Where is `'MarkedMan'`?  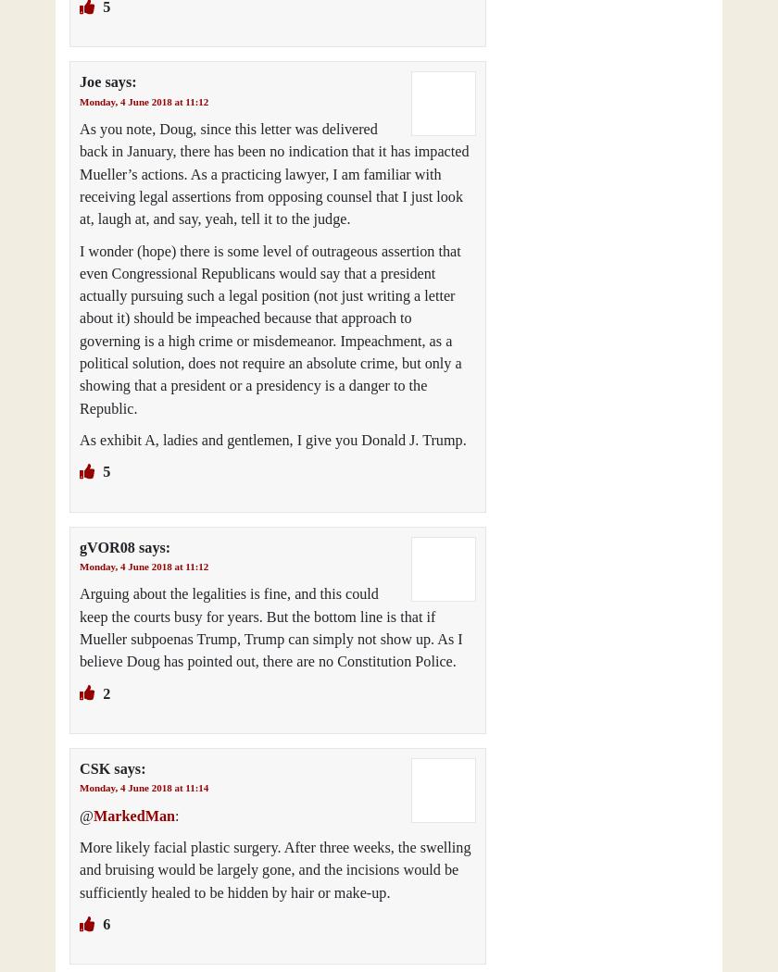
'MarkedMan' is located at coordinates (92, 814).